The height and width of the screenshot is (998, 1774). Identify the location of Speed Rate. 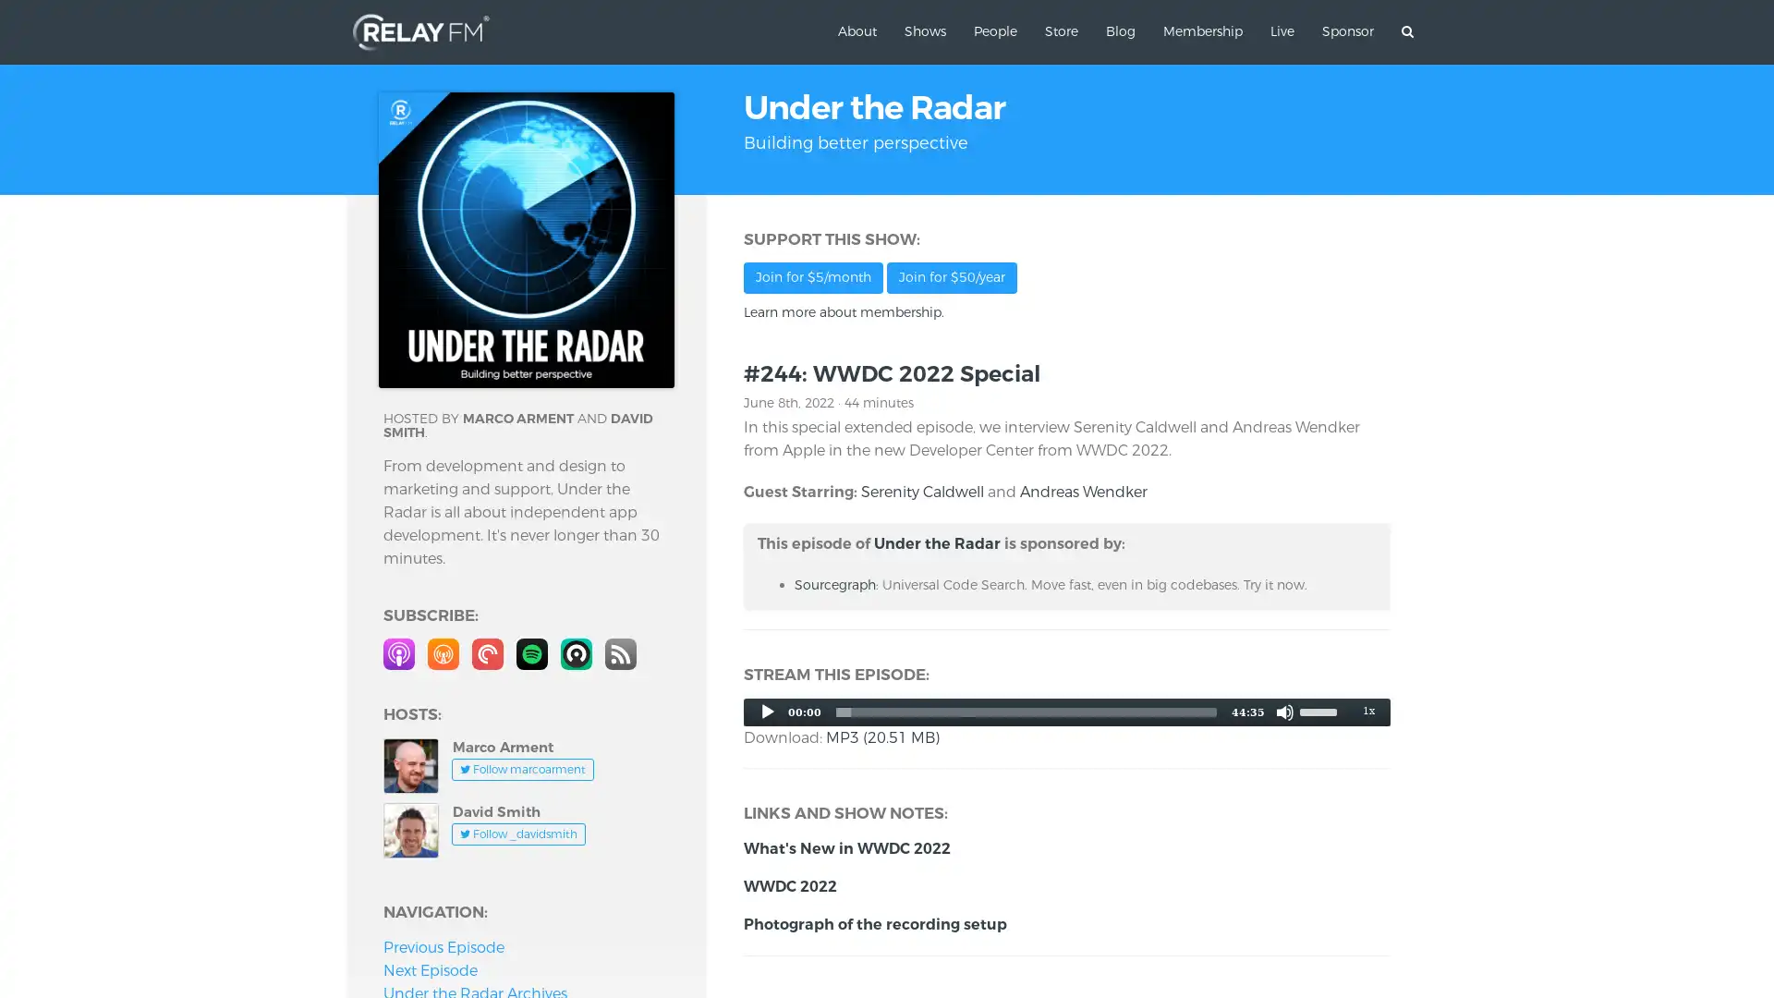
(1368, 709).